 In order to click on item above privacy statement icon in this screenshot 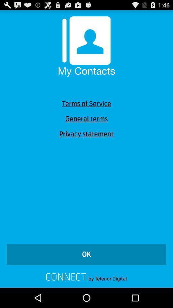, I will do `click(86, 118)`.